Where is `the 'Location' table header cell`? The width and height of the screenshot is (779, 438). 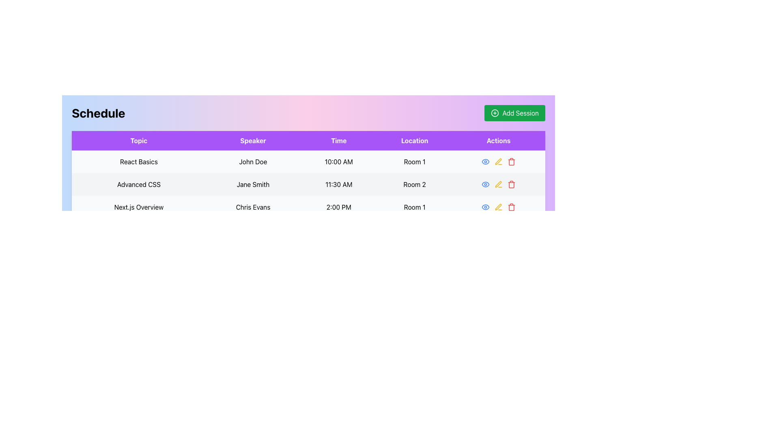 the 'Location' table header cell is located at coordinates (415, 140).